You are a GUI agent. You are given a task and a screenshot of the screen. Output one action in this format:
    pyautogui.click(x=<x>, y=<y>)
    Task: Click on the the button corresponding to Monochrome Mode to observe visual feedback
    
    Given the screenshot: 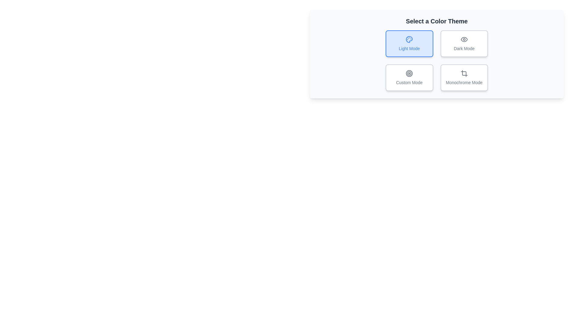 What is the action you would take?
    pyautogui.click(x=463, y=77)
    